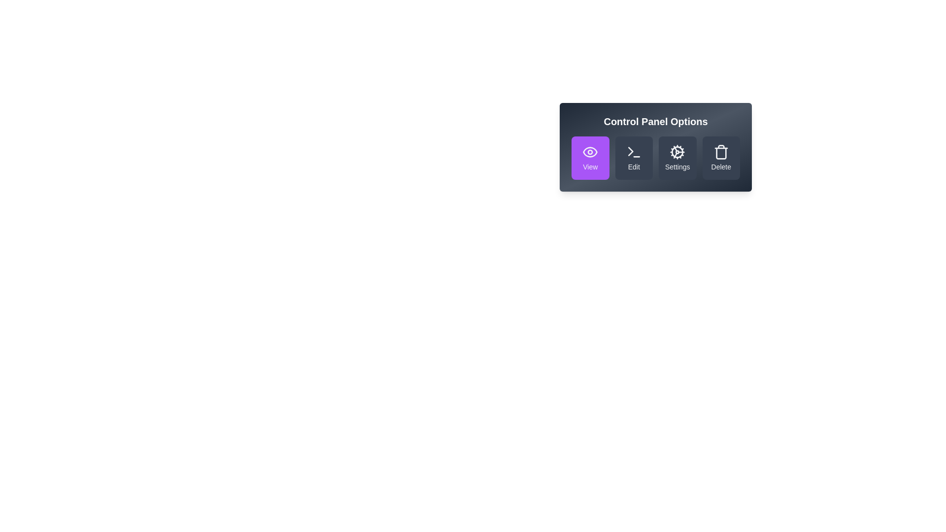 Image resolution: width=946 pixels, height=532 pixels. Describe the element at coordinates (721, 152) in the screenshot. I see `the trash can icon within the 'Delete' button on the rightmost side of the horizontal button group in the control panel` at that location.